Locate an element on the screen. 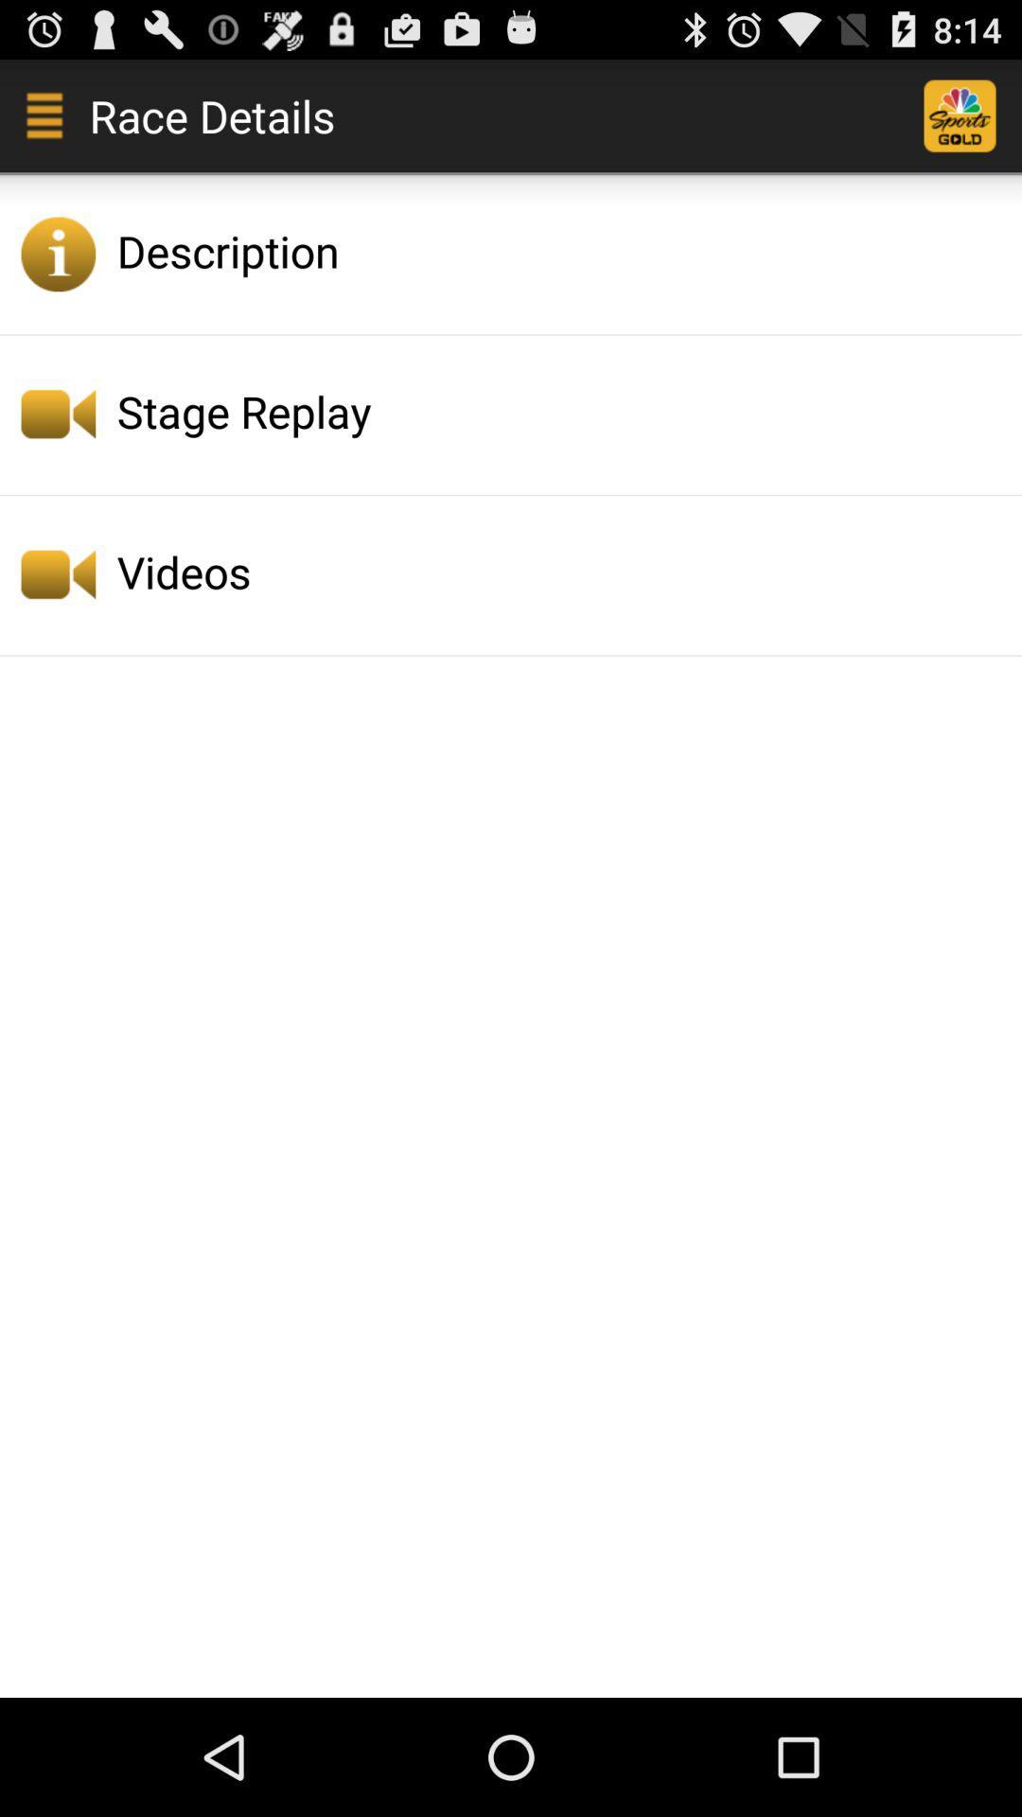 Image resolution: width=1022 pixels, height=1817 pixels. the description icon is located at coordinates (563, 250).